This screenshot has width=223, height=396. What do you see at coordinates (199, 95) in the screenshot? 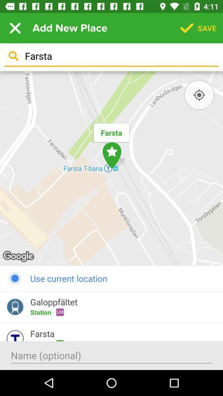
I see `track location` at bounding box center [199, 95].